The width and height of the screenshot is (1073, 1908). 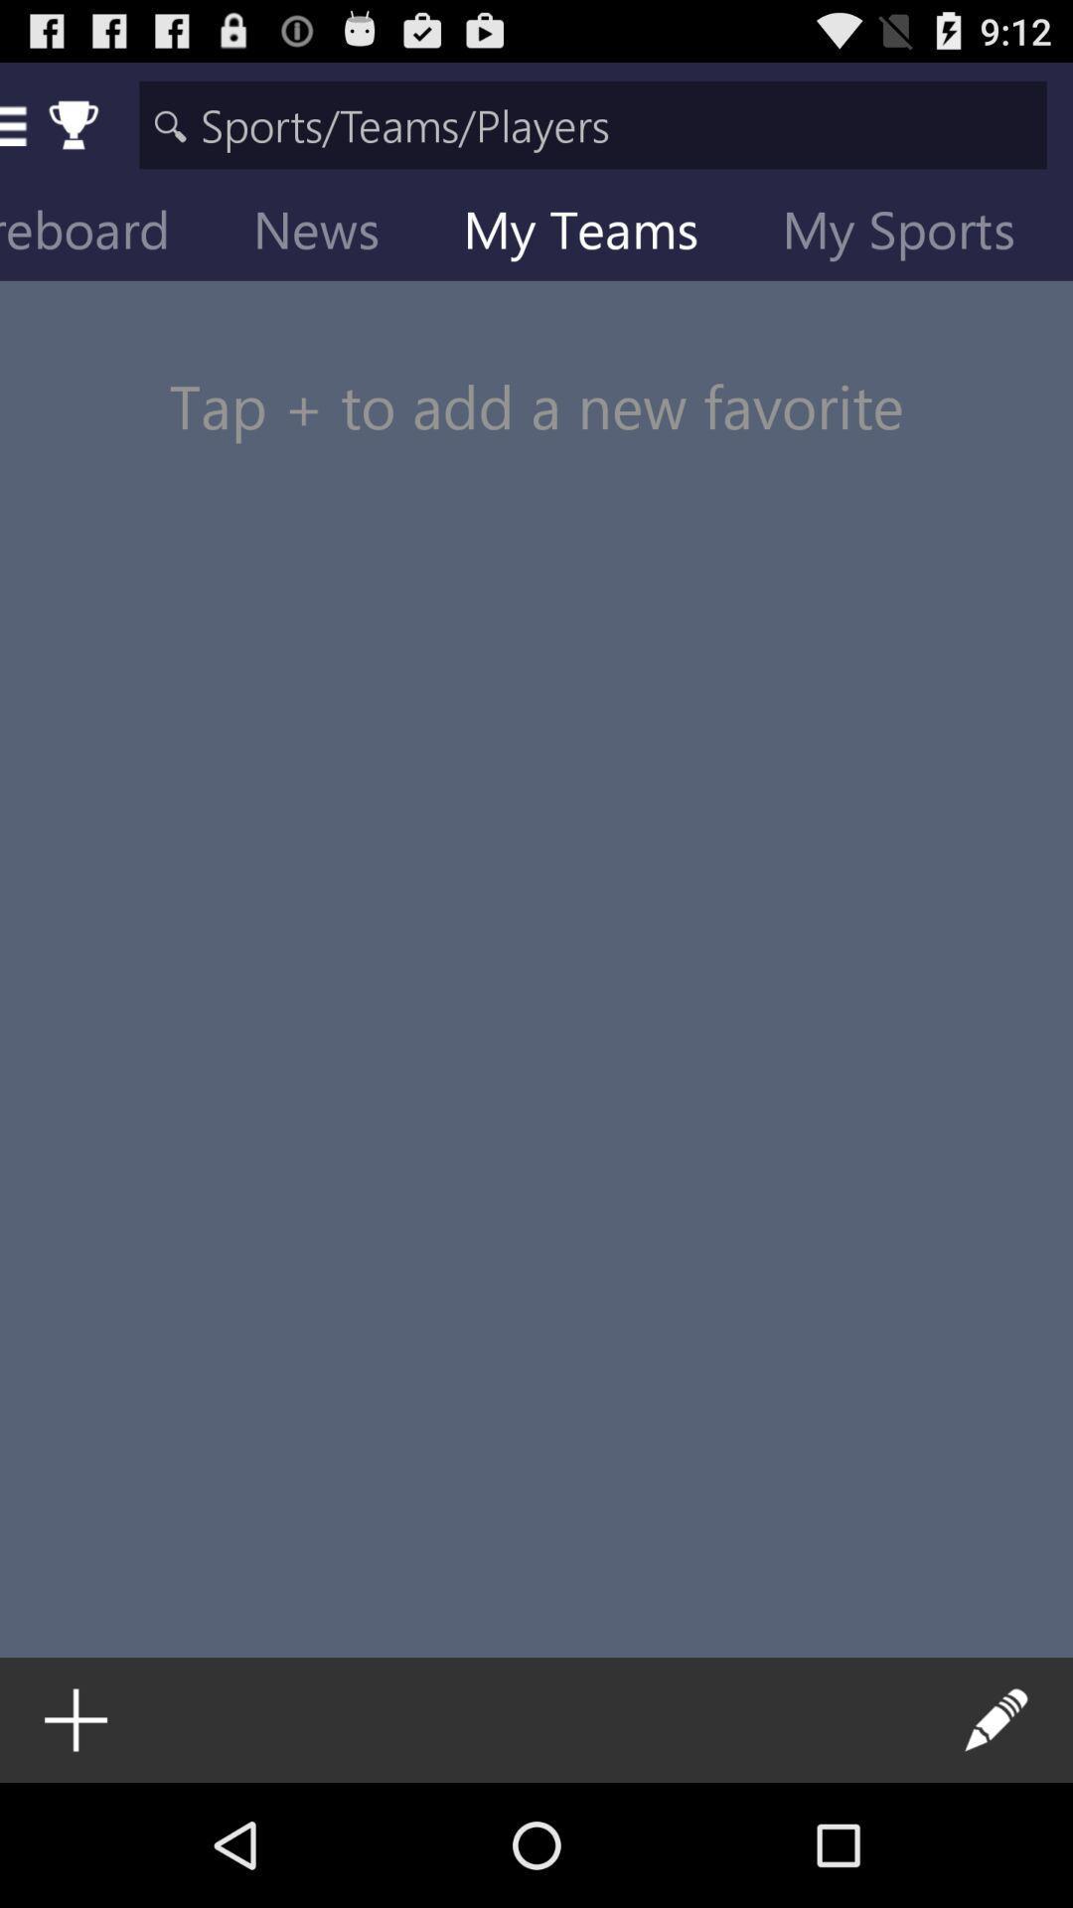 I want to click on the item to the right of the news icon, so click(x=595, y=234).